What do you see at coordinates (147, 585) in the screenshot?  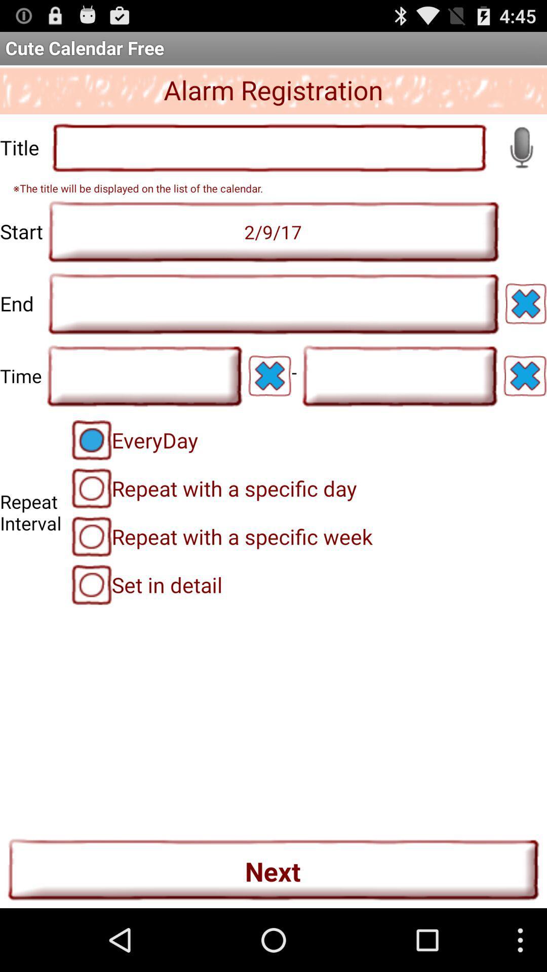 I see `the icon below repeat with a item` at bounding box center [147, 585].